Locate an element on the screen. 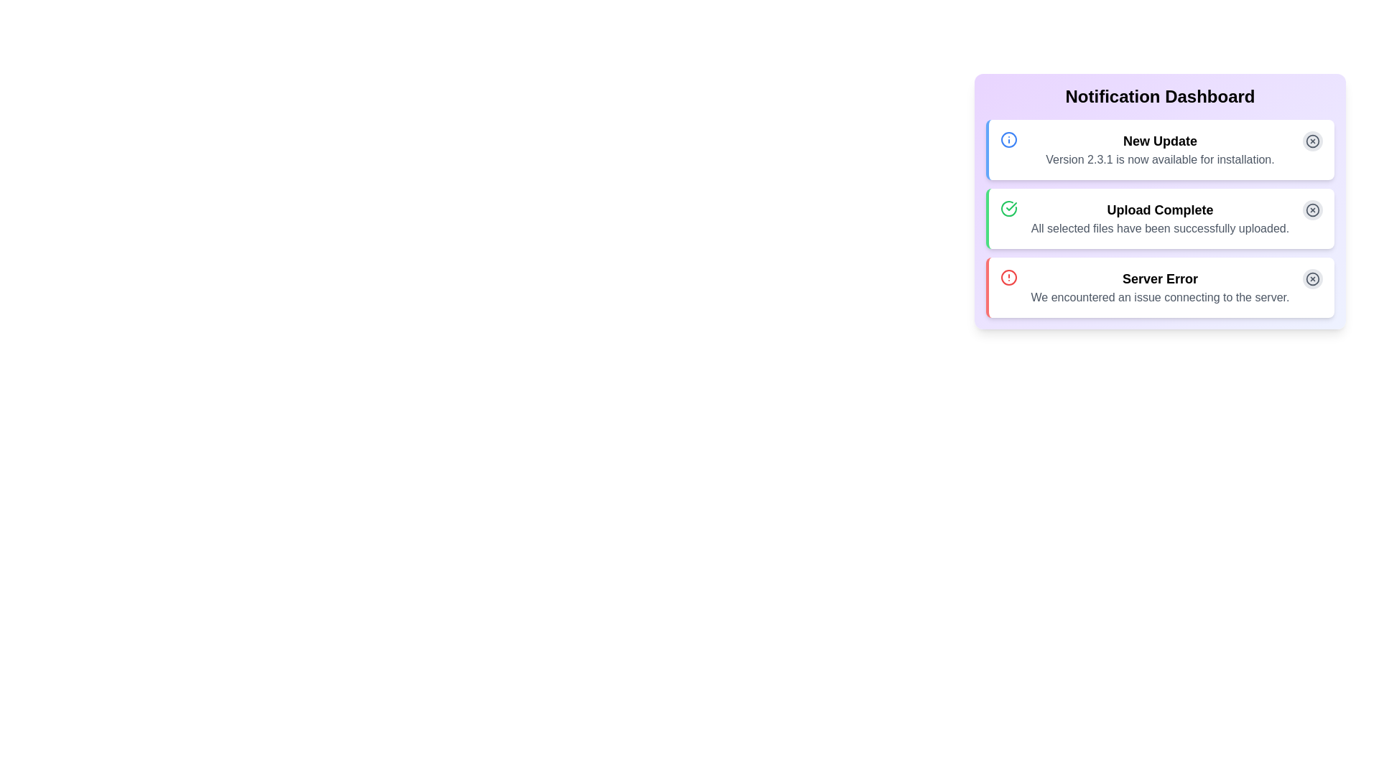  the circular button with a gray background and an 'X' icon in the top-right corner of the notification box labeled 'New Update Version 2.3.1 is now available for installation' is located at coordinates (1313, 141).